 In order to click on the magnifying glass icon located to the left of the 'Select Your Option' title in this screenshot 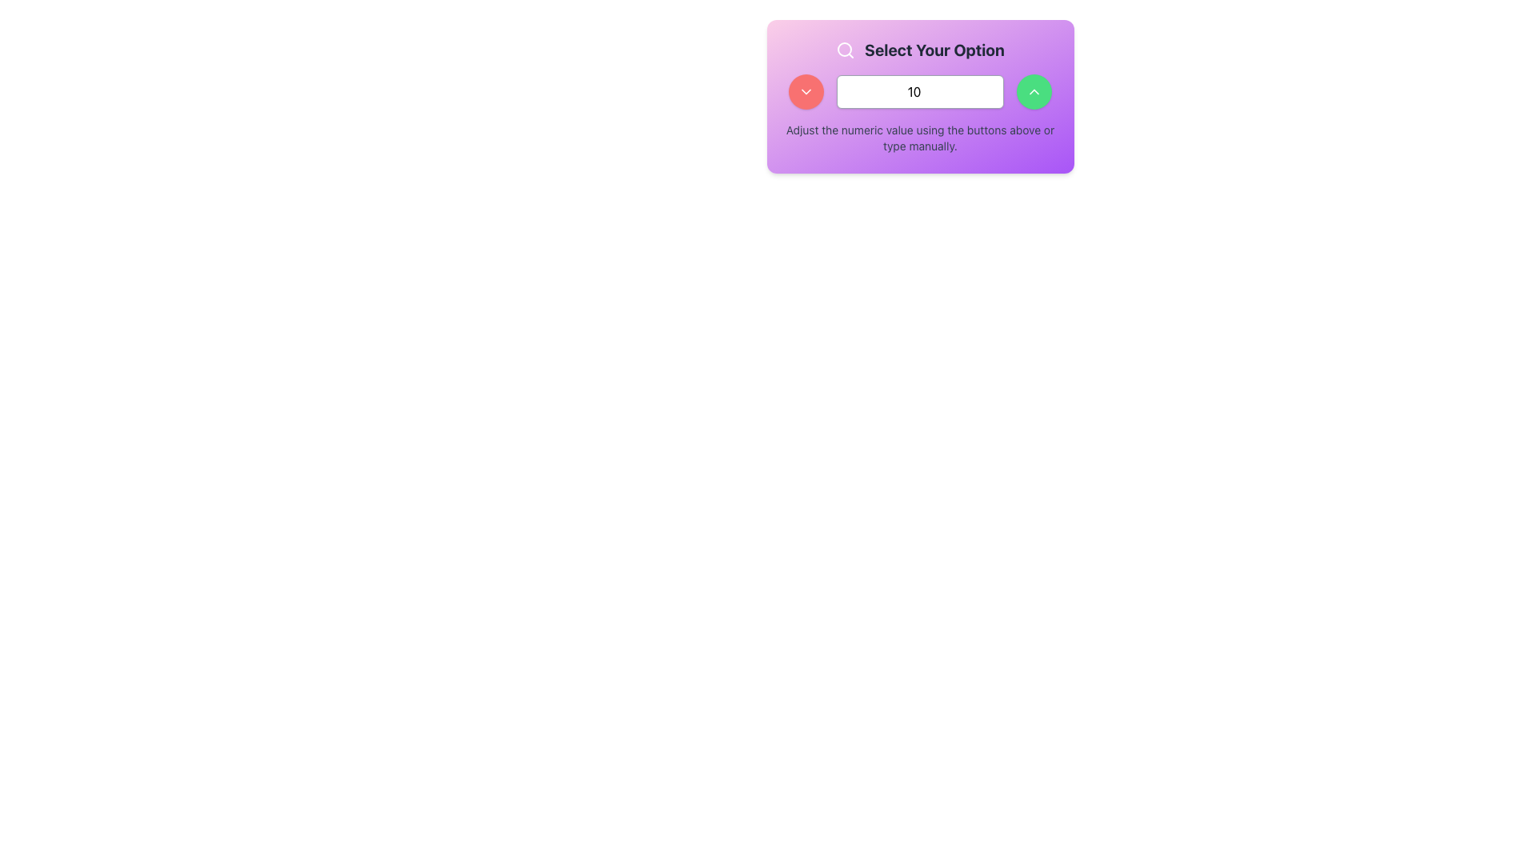, I will do `click(845, 49)`.